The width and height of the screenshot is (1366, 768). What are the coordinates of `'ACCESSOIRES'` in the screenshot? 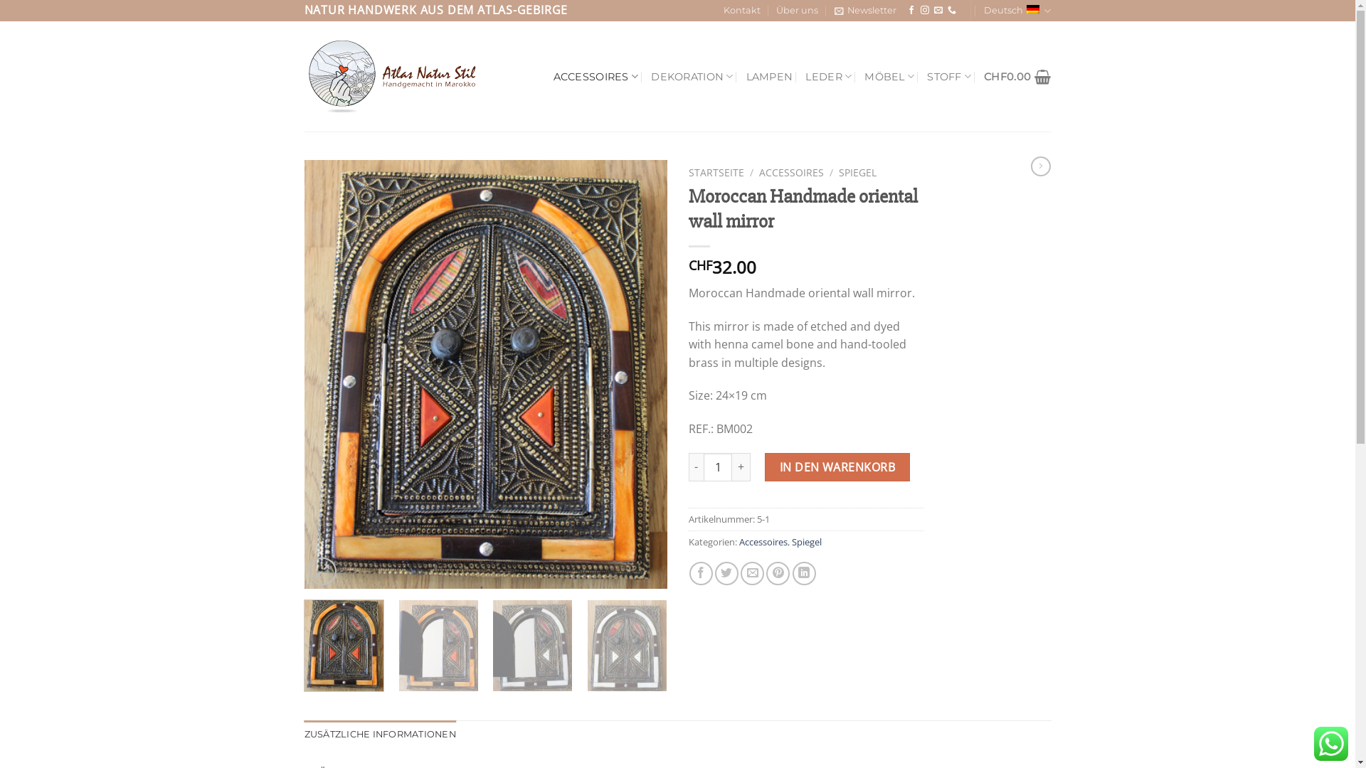 It's located at (596, 76).